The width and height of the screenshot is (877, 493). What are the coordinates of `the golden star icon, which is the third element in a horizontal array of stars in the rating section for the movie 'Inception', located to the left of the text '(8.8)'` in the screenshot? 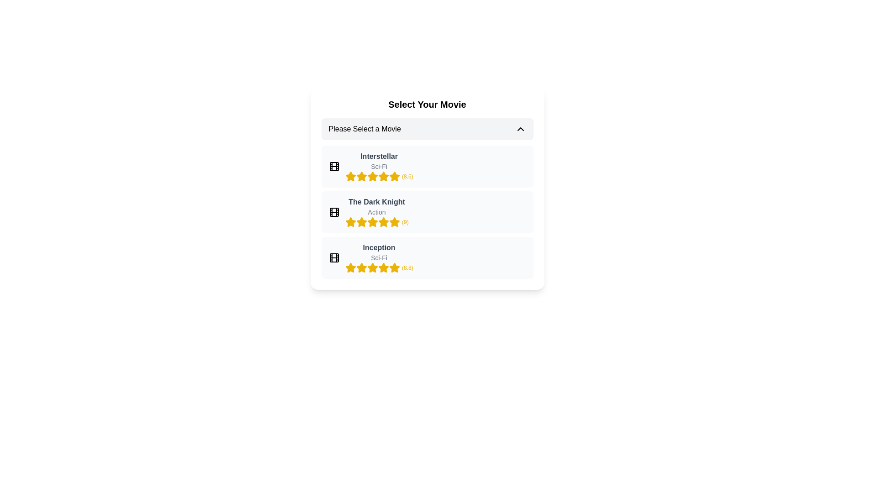 It's located at (361, 267).